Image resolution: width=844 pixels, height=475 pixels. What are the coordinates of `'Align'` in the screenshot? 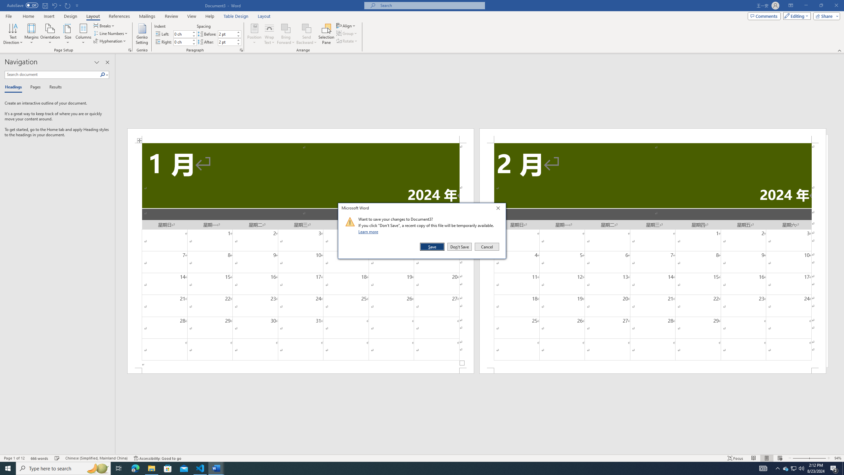 It's located at (346, 25).